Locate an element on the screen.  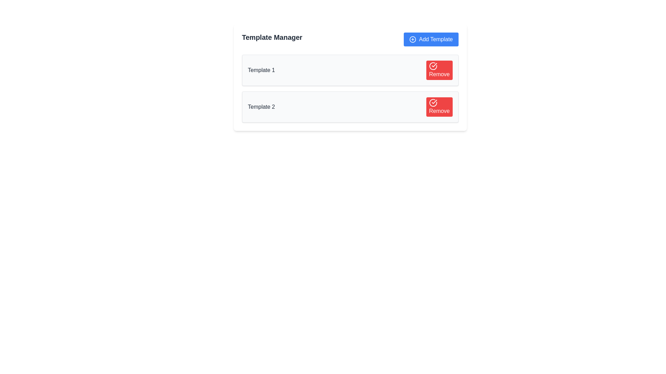
the text label that identifies the template's name in the second row of the list, located to the left of the remove button is located at coordinates (261, 107).